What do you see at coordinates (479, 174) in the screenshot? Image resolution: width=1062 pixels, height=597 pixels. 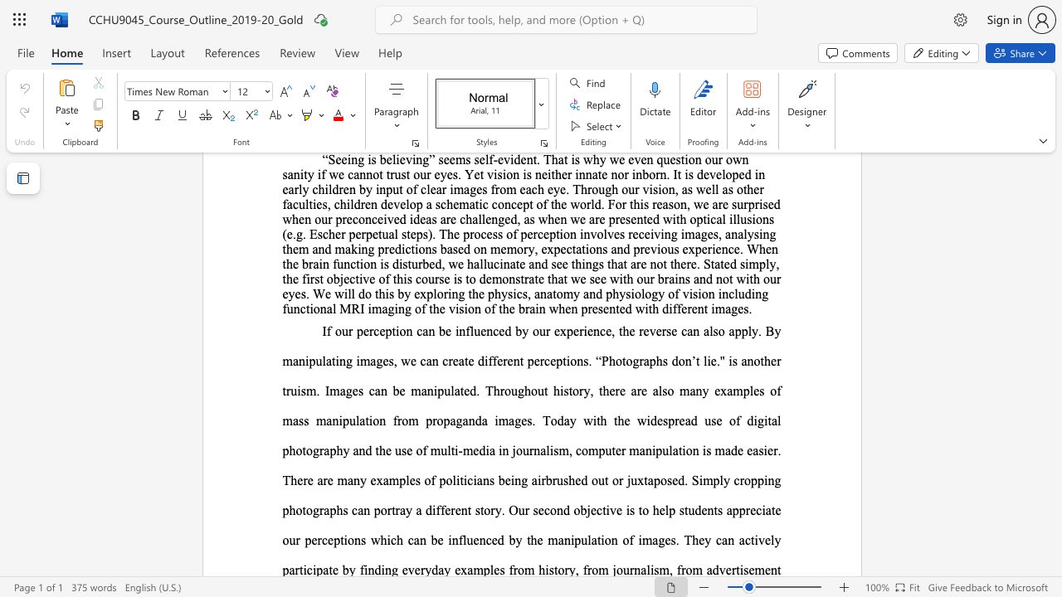 I see `the subset text "t vision is neither innate nor inborn. It is developed in early children by input of clear images from each eye. Through our vision, as well as other faculties, children develop a schematic concept of the world. For this reason, we a" within the text "“Seeing is believing” seems self-evident. That is why we even question our own sanity if we cannot trust our eyes. Yet vision is neither innate nor inborn. It is developed in early children by input of clear images from each eye. Through our vision, as well as other faculties, children develop a schematic concept of the world. For this reason, we are surprised when our preconceived ideas are challenged, as when we are presented with optical illusions (e.g. Escher perpetual steps). The process of perception"` at bounding box center [479, 174].